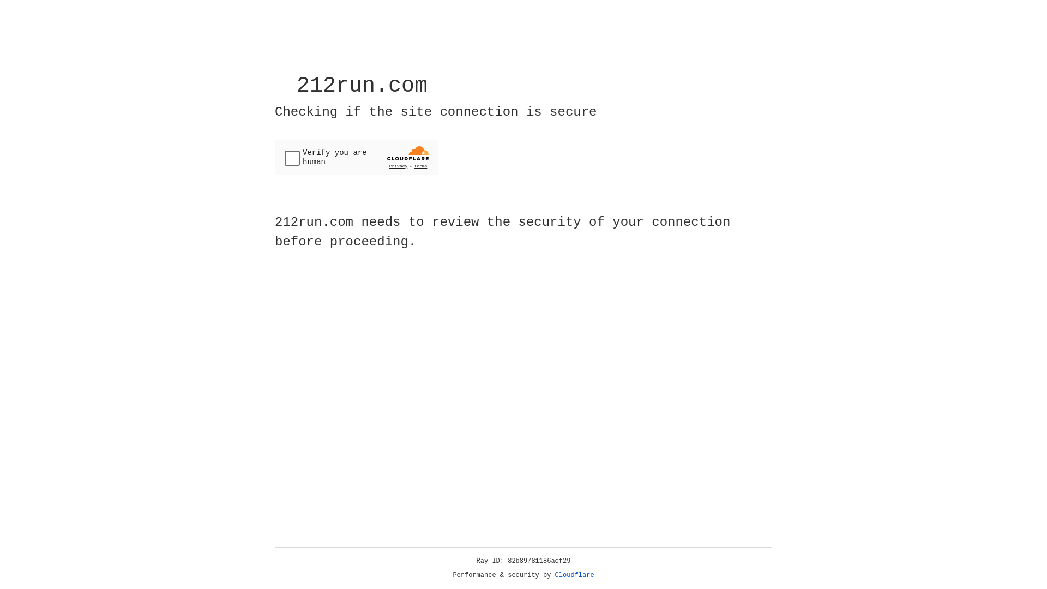  Describe the element at coordinates (574, 575) in the screenshot. I see `'Cloudflare'` at that location.